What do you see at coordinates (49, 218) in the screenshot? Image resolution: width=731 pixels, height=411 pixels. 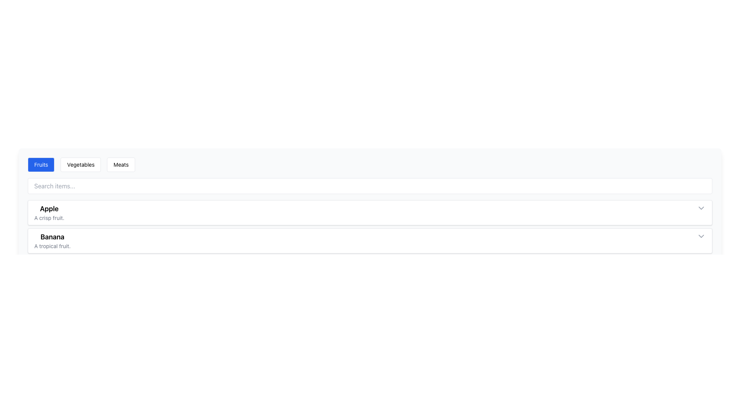 I see `description of the text label that reads 'A crisp fruit.' which is styled in a small font size and gray color, positioned below the header 'Apple.'` at bounding box center [49, 218].